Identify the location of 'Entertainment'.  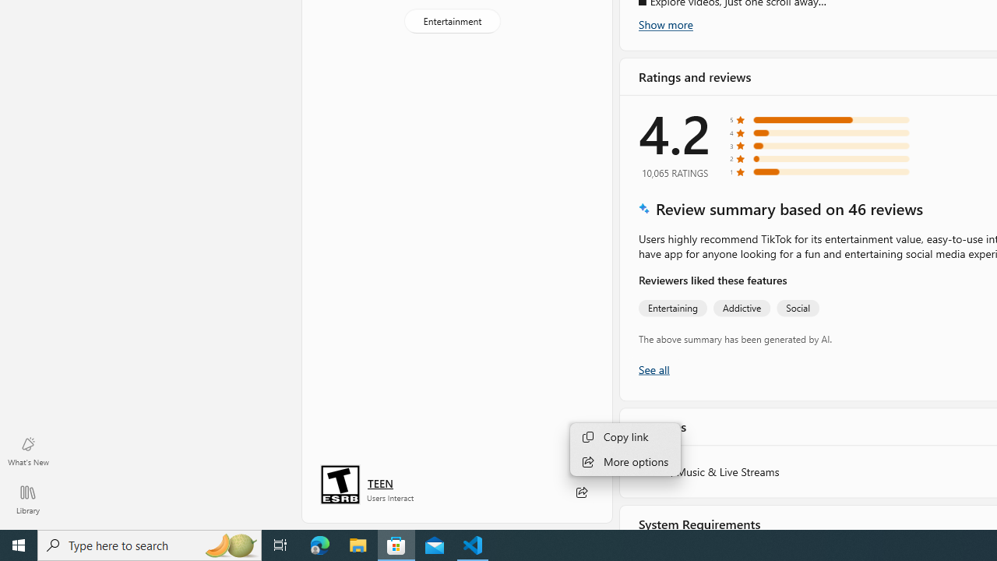
(451, 21).